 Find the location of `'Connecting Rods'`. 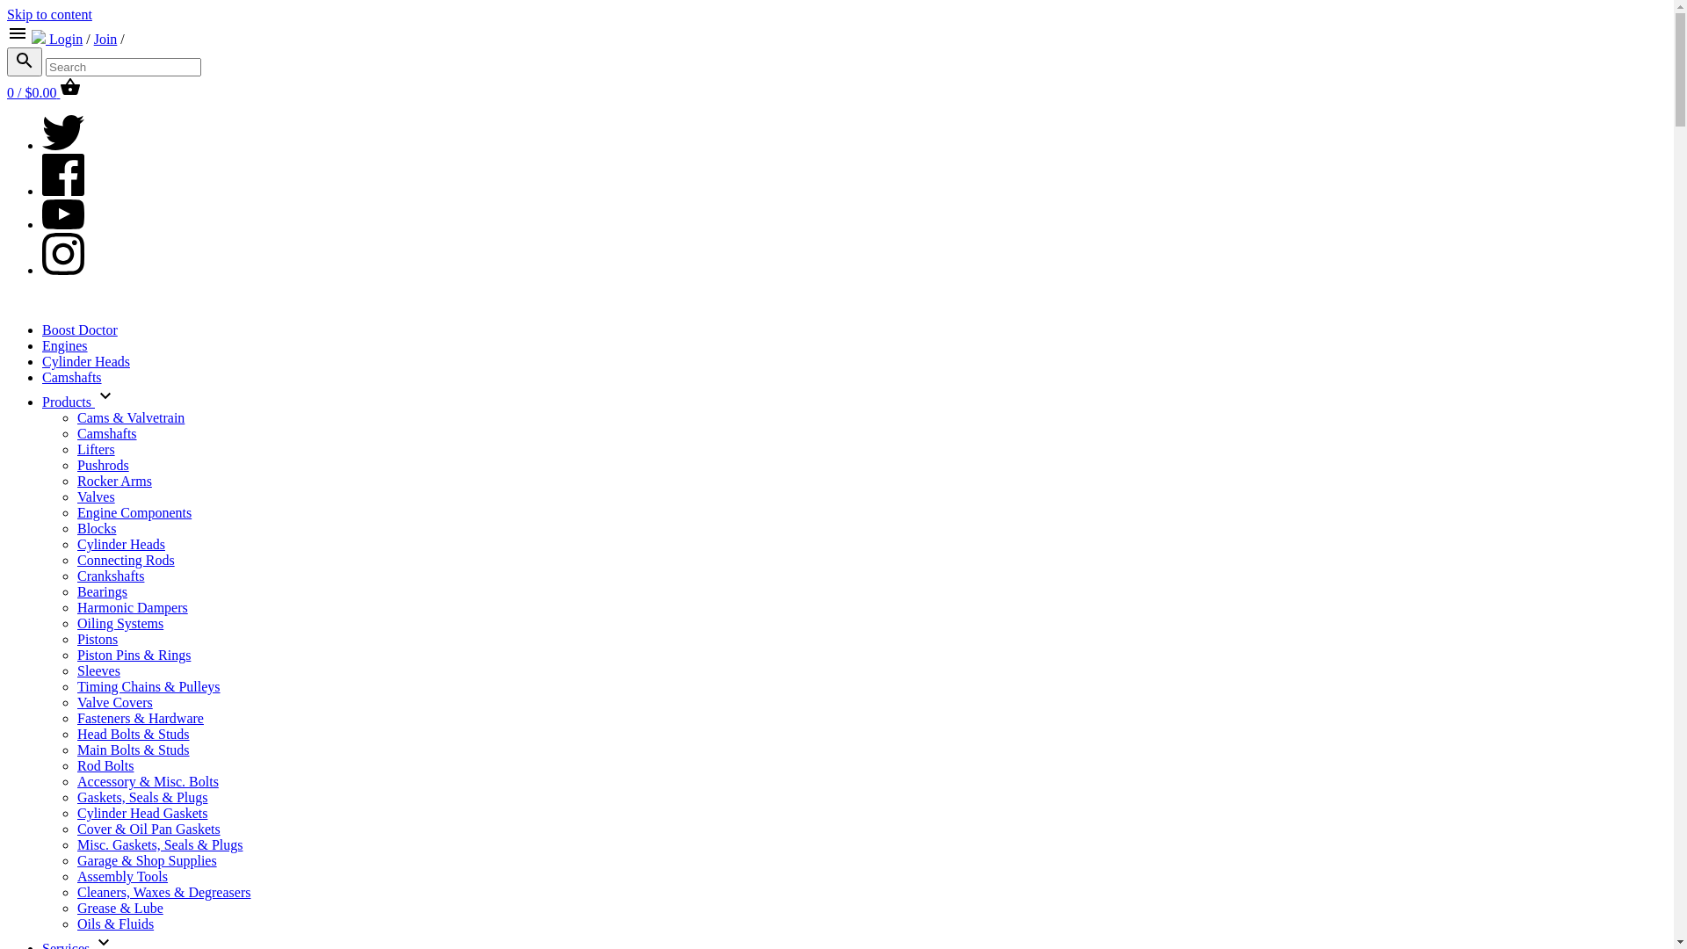

'Connecting Rods' is located at coordinates (125, 560).